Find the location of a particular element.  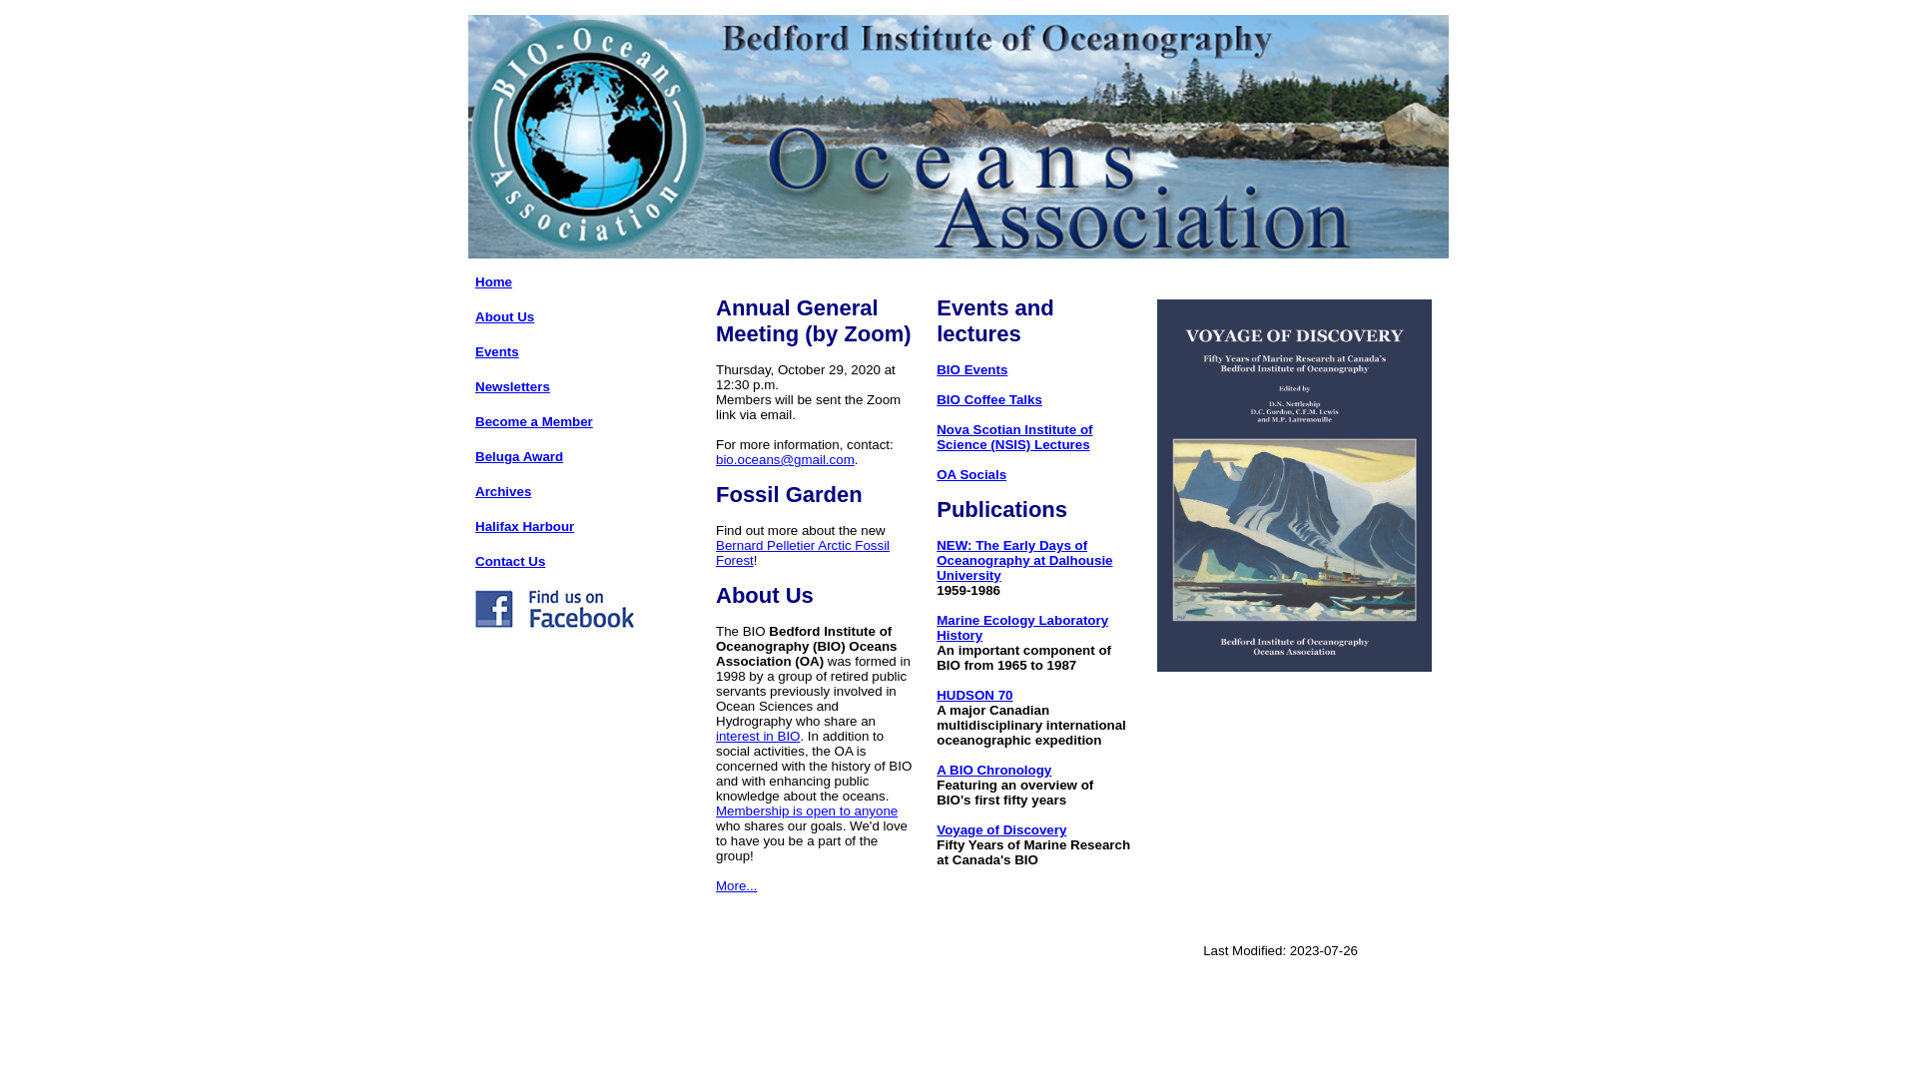

'Halifax Harbour' is located at coordinates (524, 525).